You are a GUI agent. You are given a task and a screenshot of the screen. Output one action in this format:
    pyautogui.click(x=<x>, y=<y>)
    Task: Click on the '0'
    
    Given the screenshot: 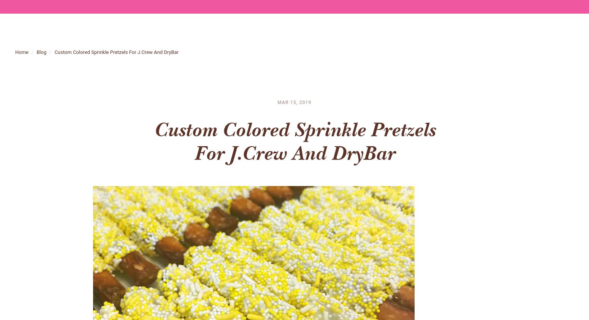 What is the action you would take?
    pyautogui.click(x=570, y=11)
    